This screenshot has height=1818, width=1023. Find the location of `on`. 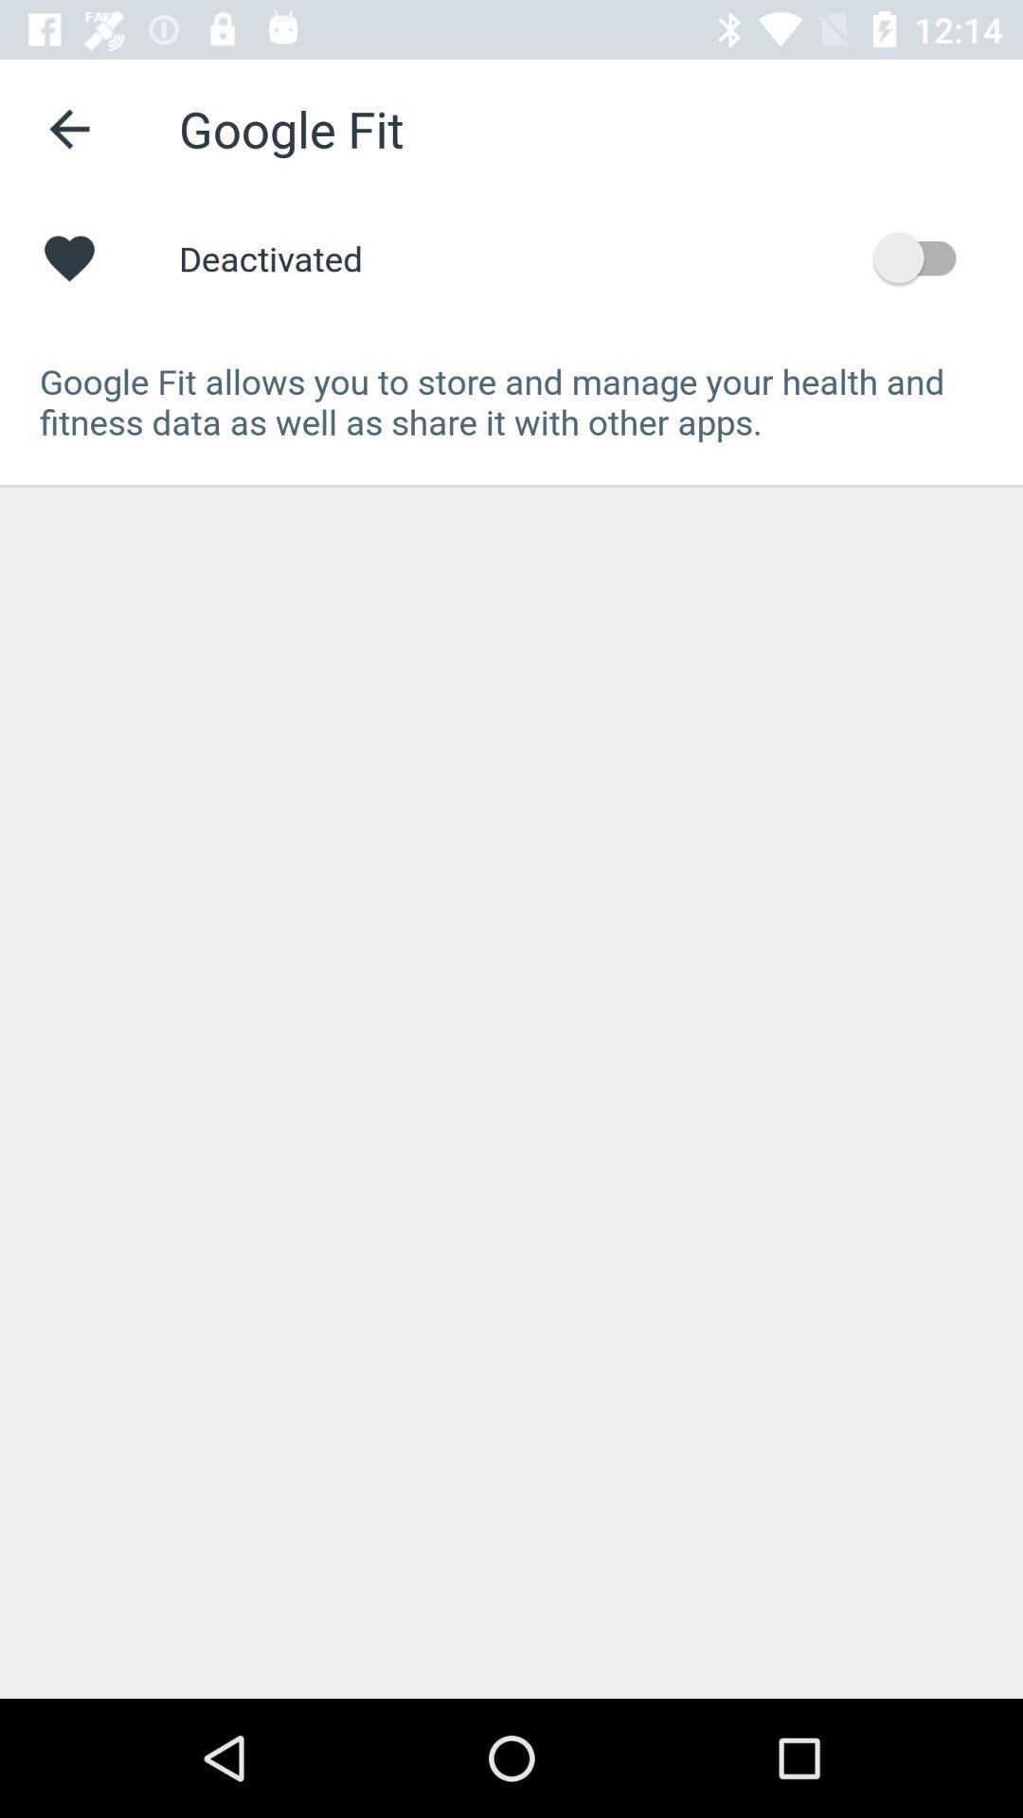

on is located at coordinates (923, 257).